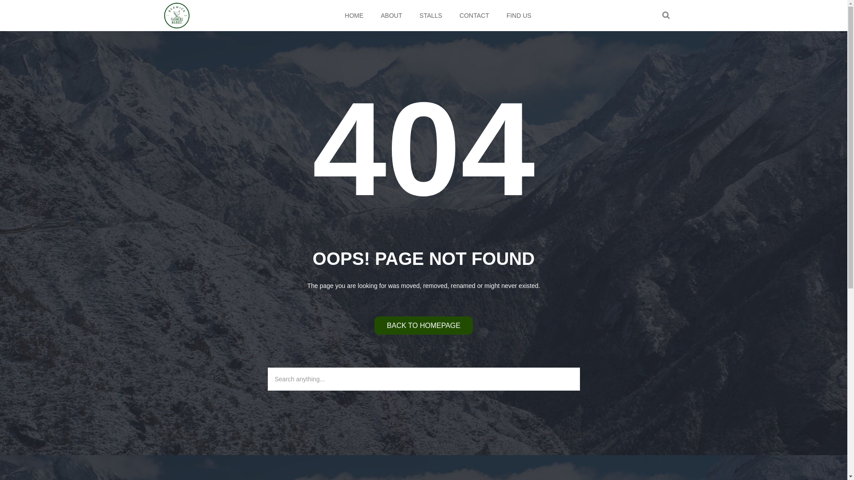 The width and height of the screenshot is (854, 480). What do you see at coordinates (177, 15) in the screenshot?
I see `'Berwick Farmers Market'` at bounding box center [177, 15].